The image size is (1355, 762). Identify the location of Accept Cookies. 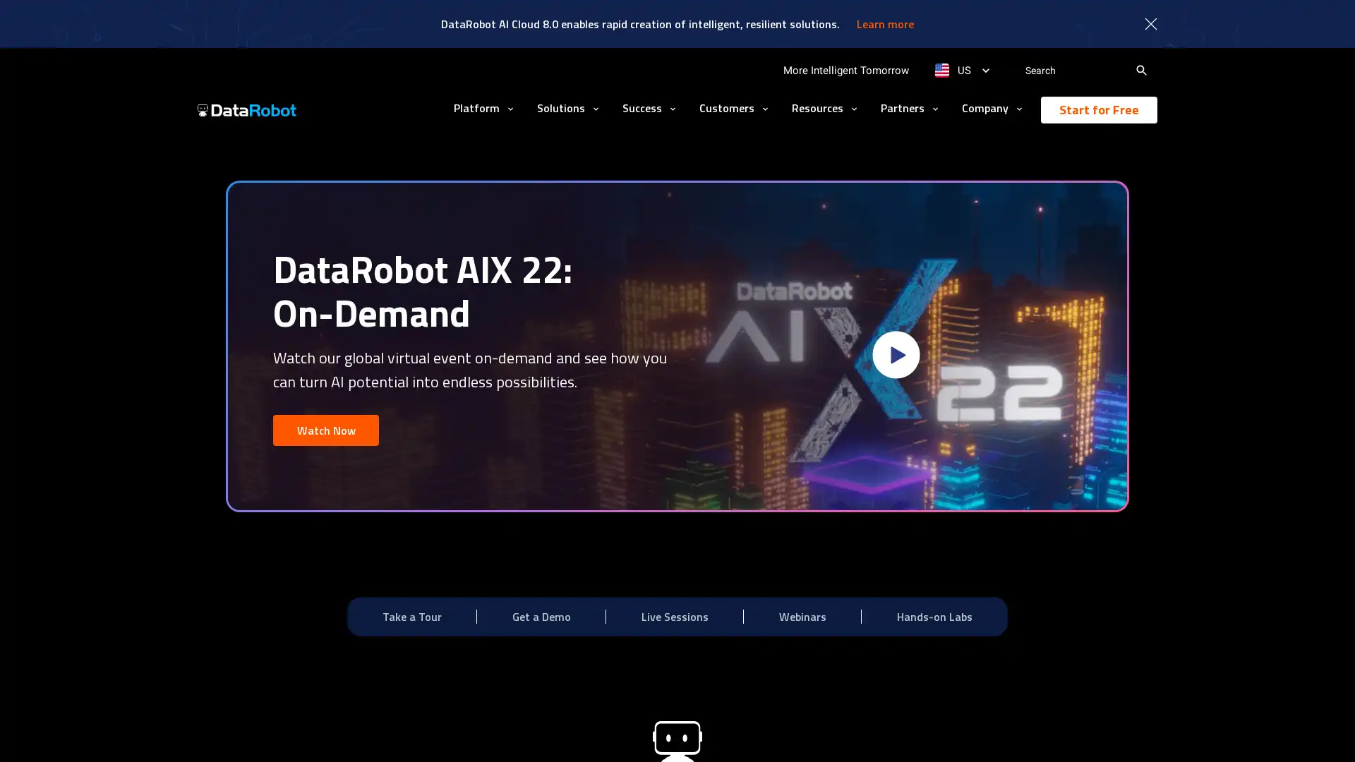
(1000, 731).